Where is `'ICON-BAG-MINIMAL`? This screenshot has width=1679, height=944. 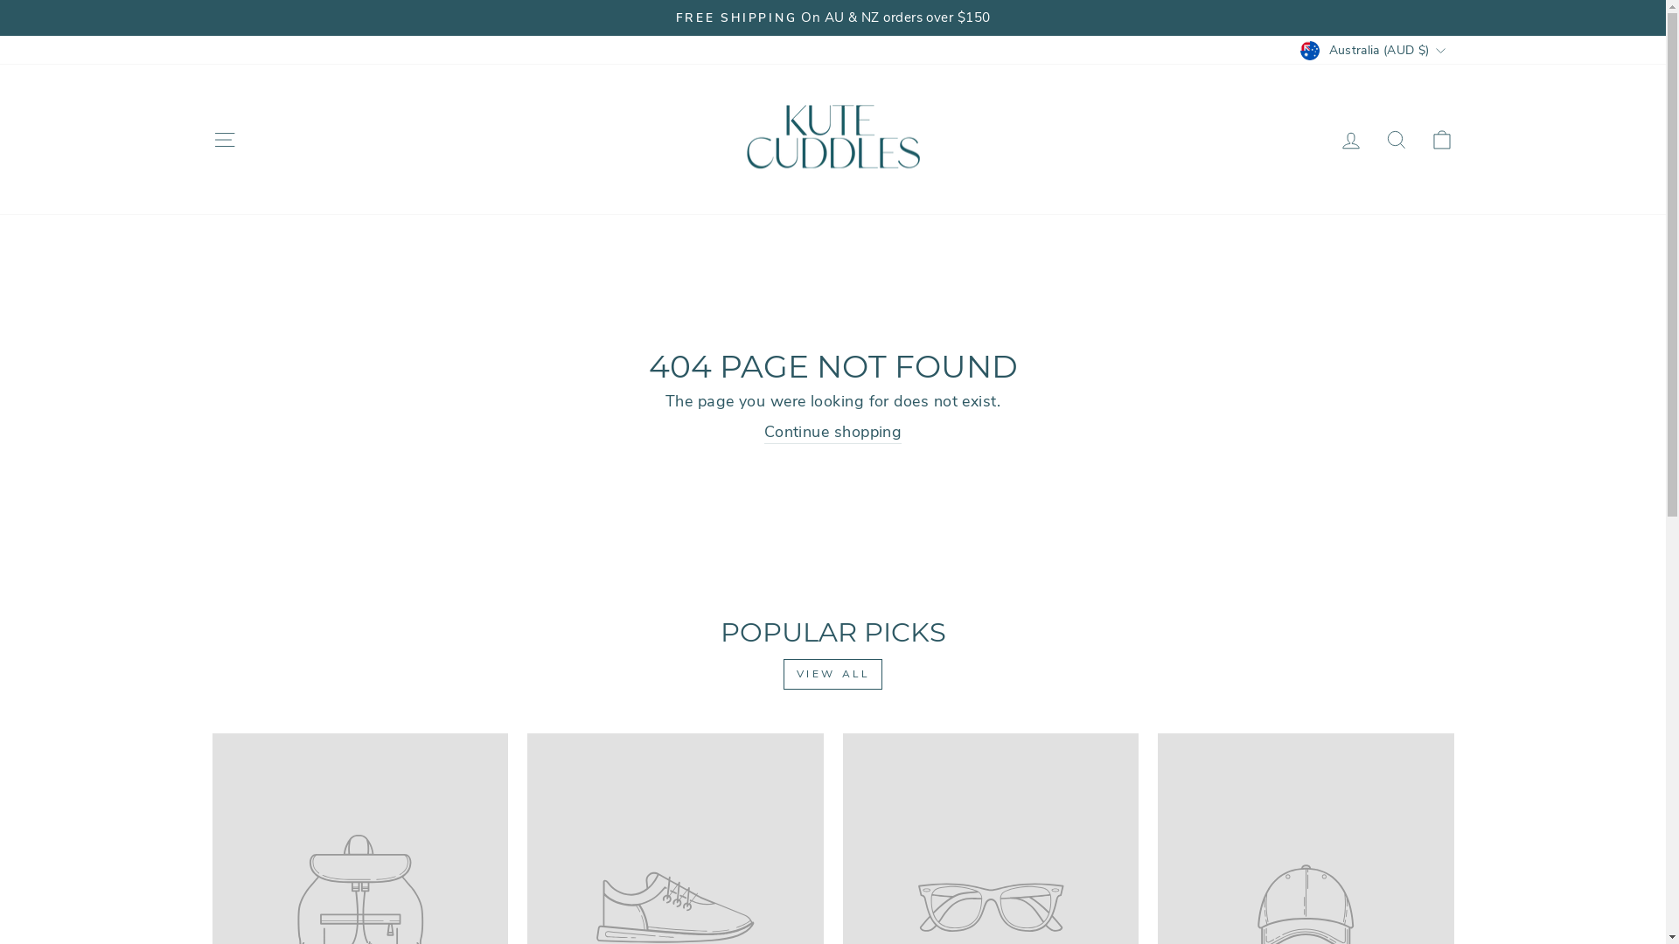 'ICON-BAG-MINIMAL is located at coordinates (1440, 138).